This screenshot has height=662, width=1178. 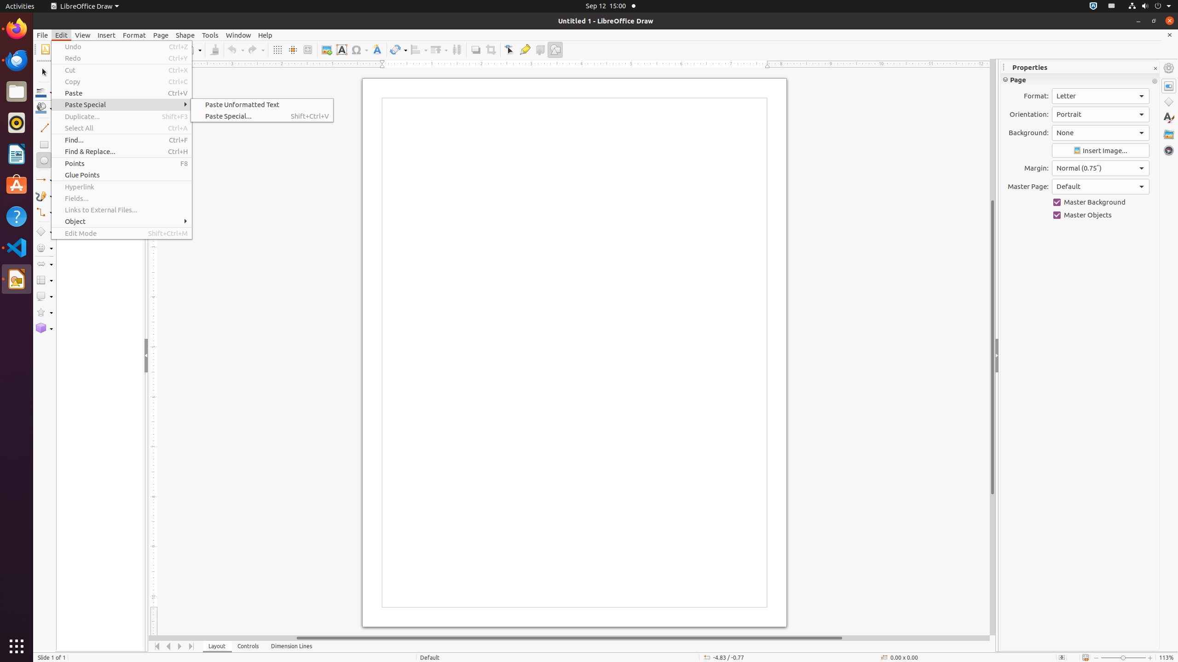 I want to click on 'View', so click(x=82, y=35).